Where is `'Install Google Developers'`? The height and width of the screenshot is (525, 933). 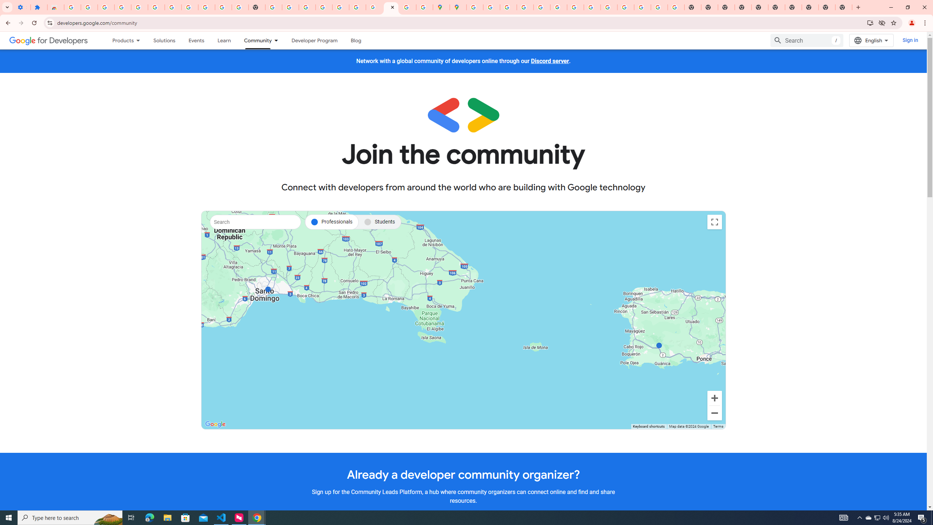
'Install Google Developers' is located at coordinates (870, 22).